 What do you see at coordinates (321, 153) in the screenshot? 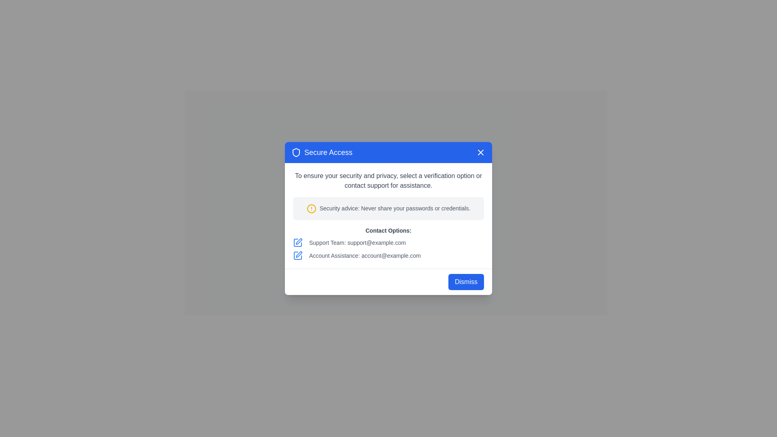
I see `the 'Secure Access' label with the shield icon` at bounding box center [321, 153].